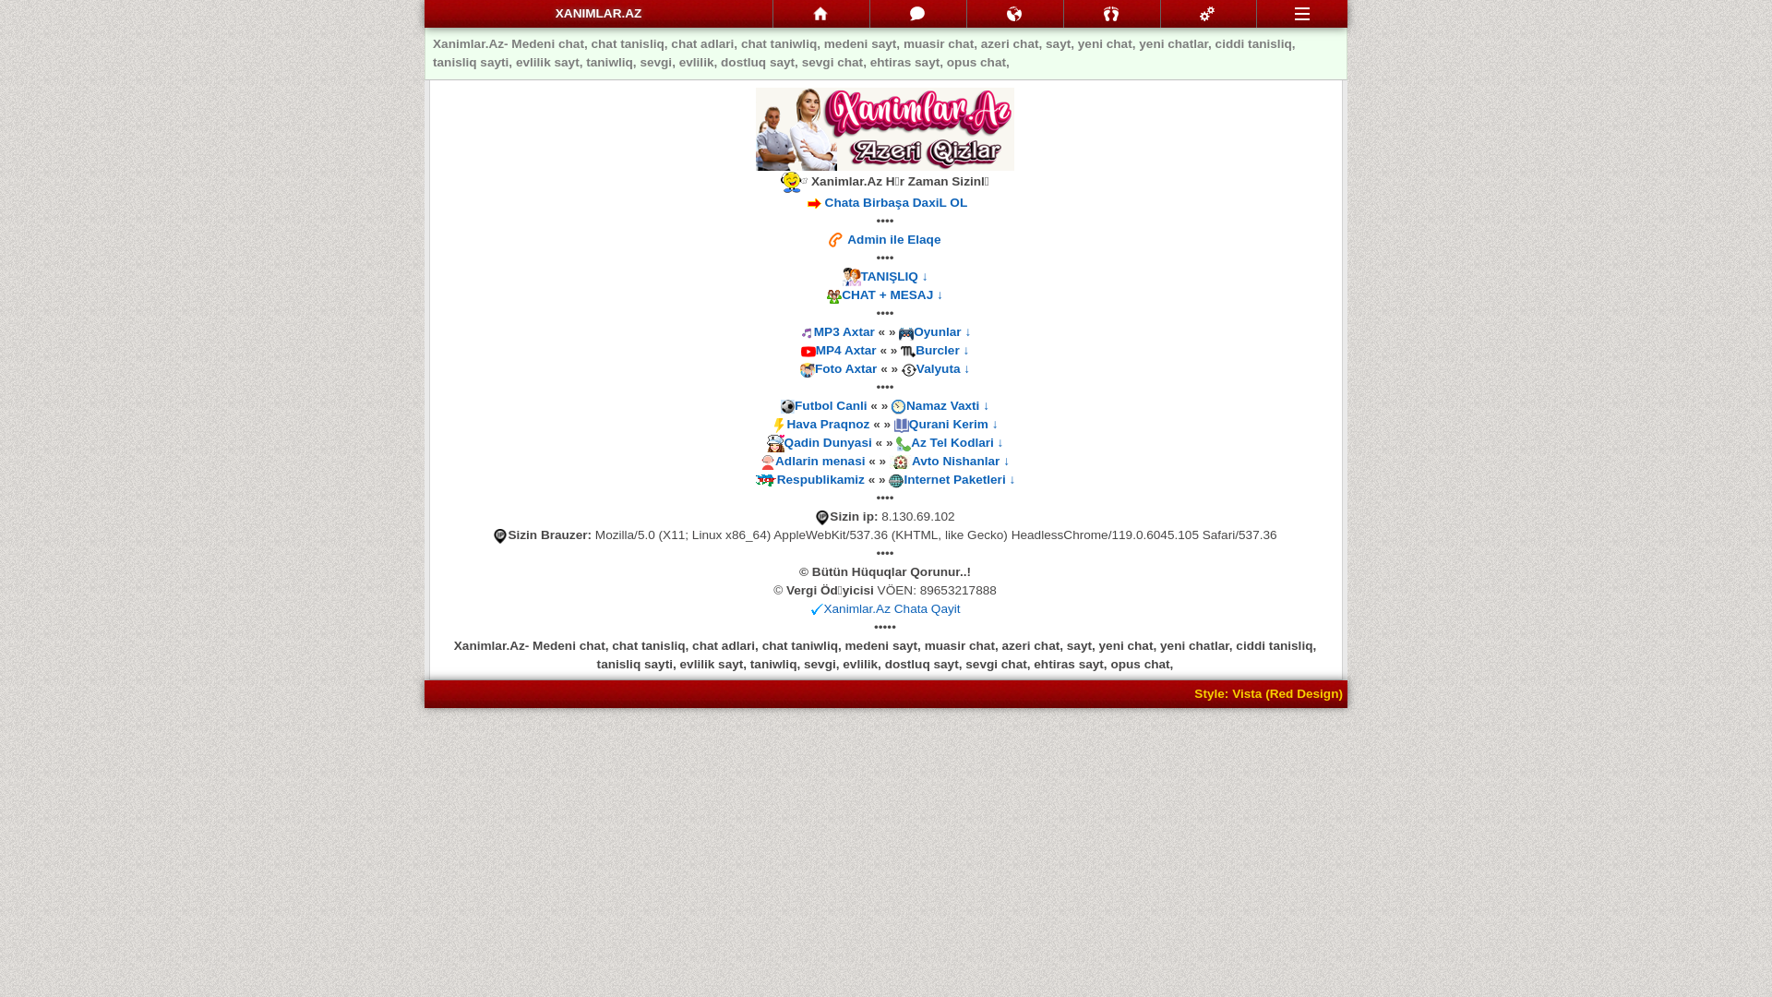  I want to click on 'Style: Vista (Red Design)', so click(1194, 693).